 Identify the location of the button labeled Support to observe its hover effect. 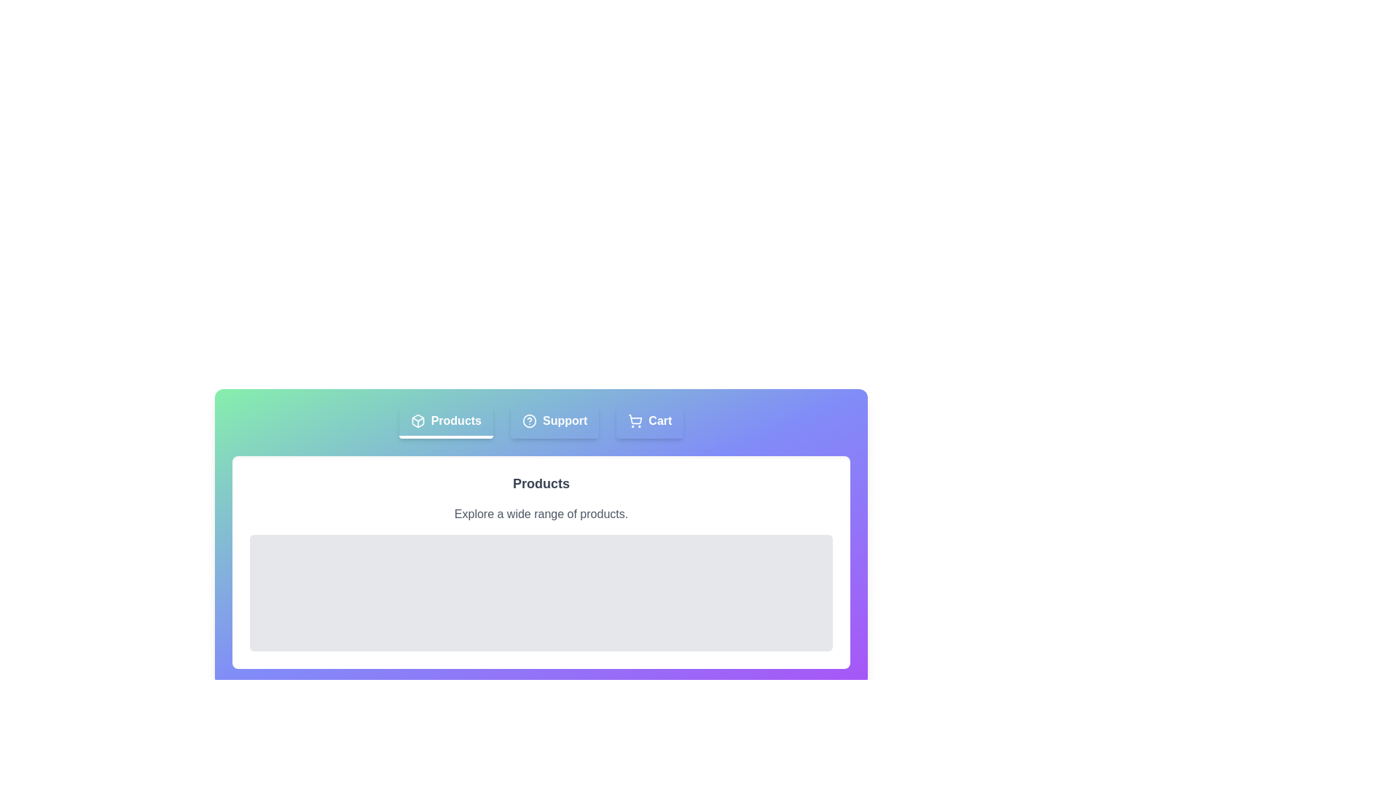
(554, 422).